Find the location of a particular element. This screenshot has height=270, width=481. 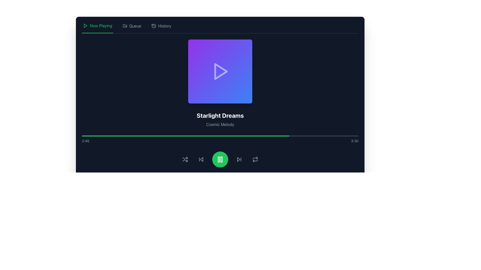

the shuffle button marked by an icon of two crossing arrows, located in the bottom control panel as the first button to the left in the playback controls is located at coordinates (185, 159).